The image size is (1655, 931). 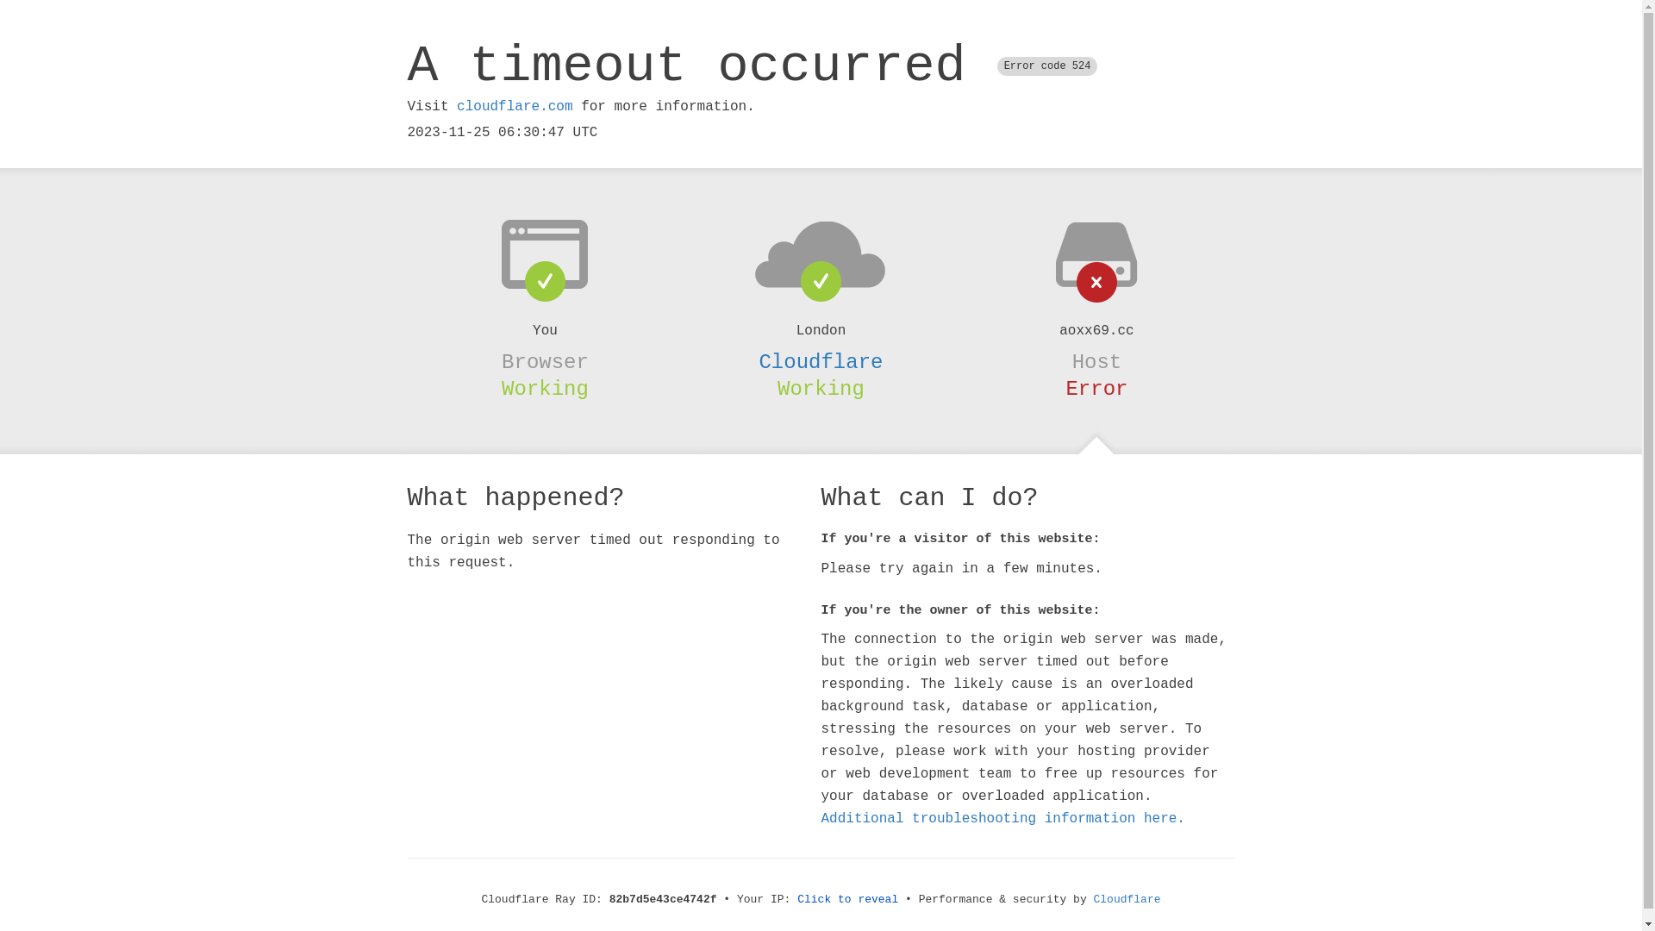 I want to click on 'Click to reveal', so click(x=847, y=898).